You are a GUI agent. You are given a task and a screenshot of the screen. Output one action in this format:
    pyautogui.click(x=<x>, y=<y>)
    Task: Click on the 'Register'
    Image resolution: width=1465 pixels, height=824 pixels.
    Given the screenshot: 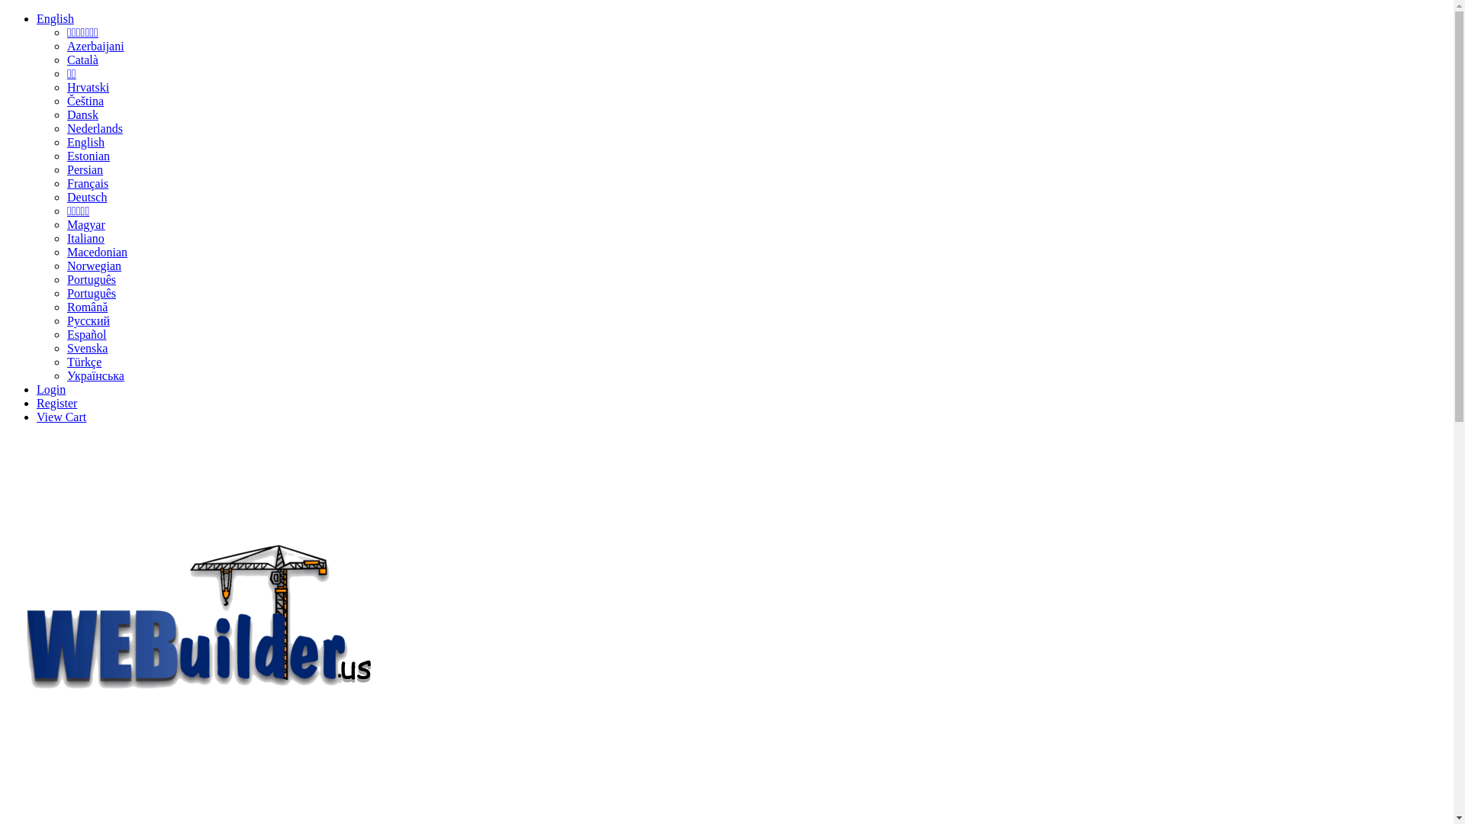 What is the action you would take?
    pyautogui.click(x=56, y=402)
    